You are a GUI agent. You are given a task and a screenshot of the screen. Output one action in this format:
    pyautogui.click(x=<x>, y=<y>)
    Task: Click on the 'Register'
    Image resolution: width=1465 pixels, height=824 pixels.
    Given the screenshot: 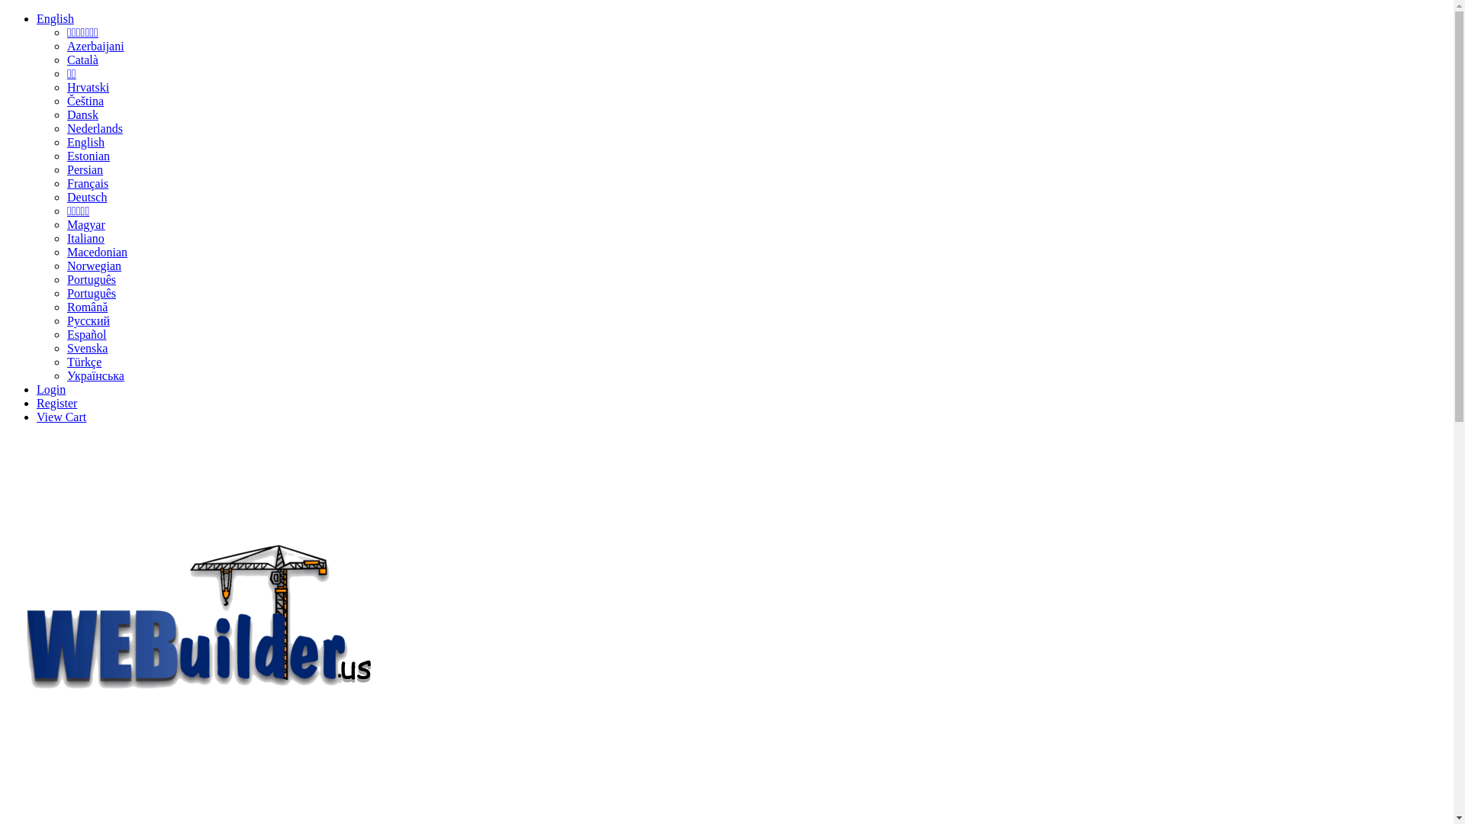 What is the action you would take?
    pyautogui.click(x=56, y=402)
    